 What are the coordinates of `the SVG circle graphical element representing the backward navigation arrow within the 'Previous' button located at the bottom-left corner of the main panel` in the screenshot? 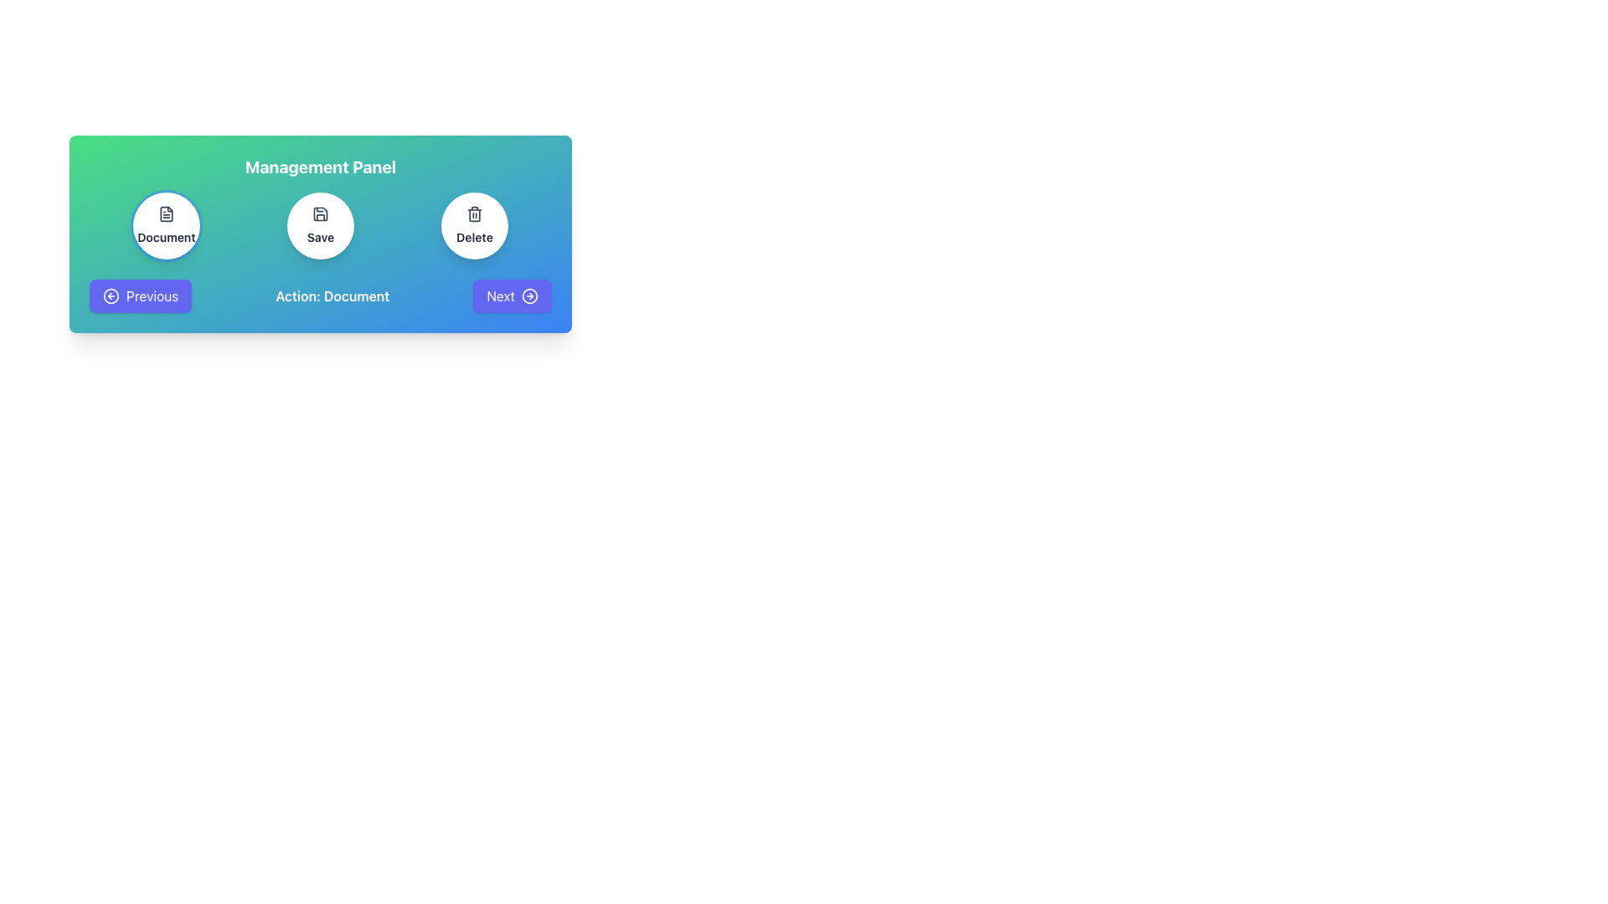 It's located at (111, 295).